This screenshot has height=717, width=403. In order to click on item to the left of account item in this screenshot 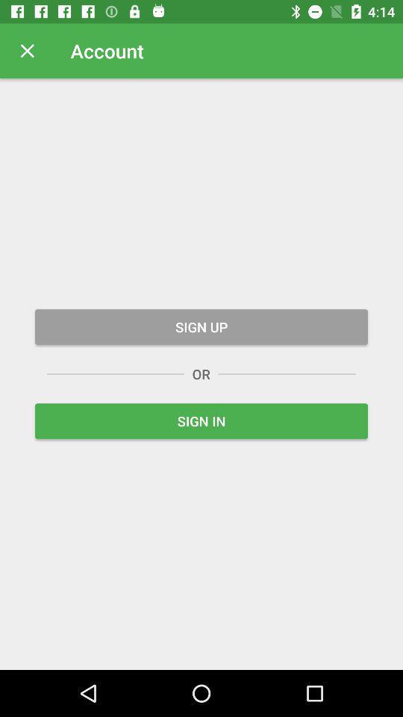, I will do `click(27, 51)`.